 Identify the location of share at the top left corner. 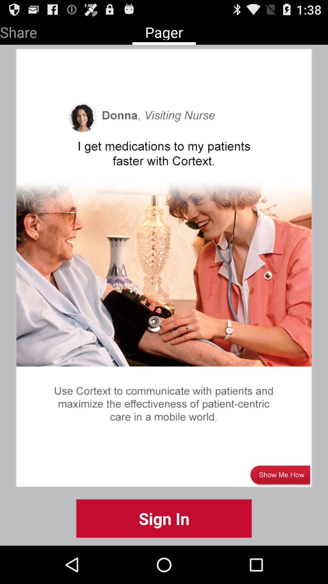
(18, 31).